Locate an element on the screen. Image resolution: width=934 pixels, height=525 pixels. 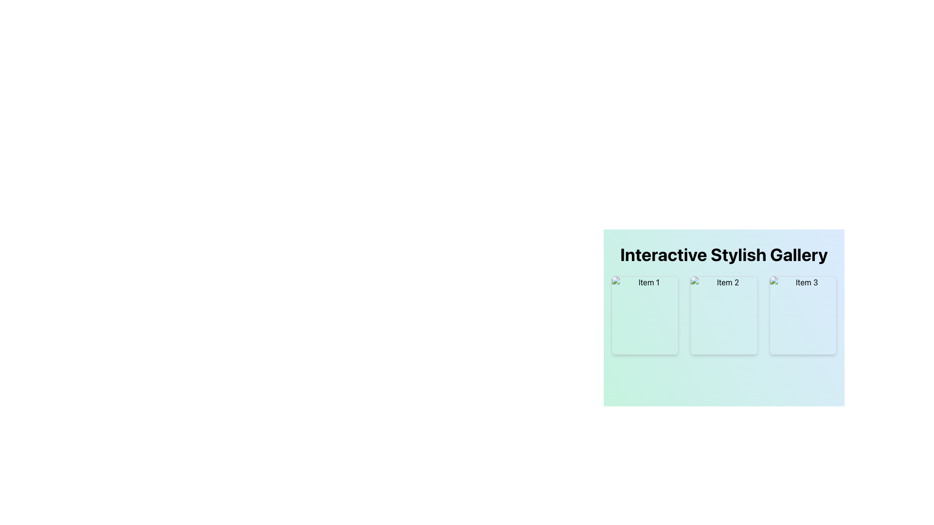
the center card labeled 'Item 2' in the 'Interactive Stylish Gallery' to interact with it is located at coordinates (724, 312).